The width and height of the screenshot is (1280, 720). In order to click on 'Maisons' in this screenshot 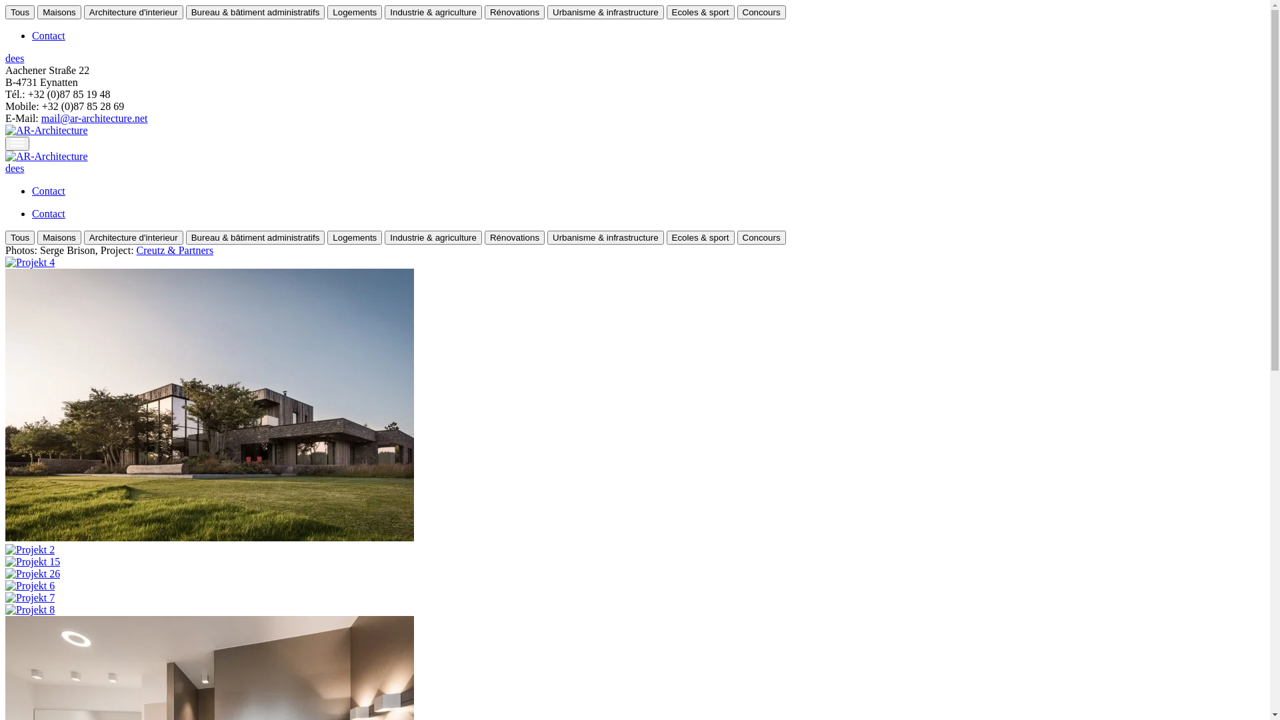, I will do `click(59, 12)`.